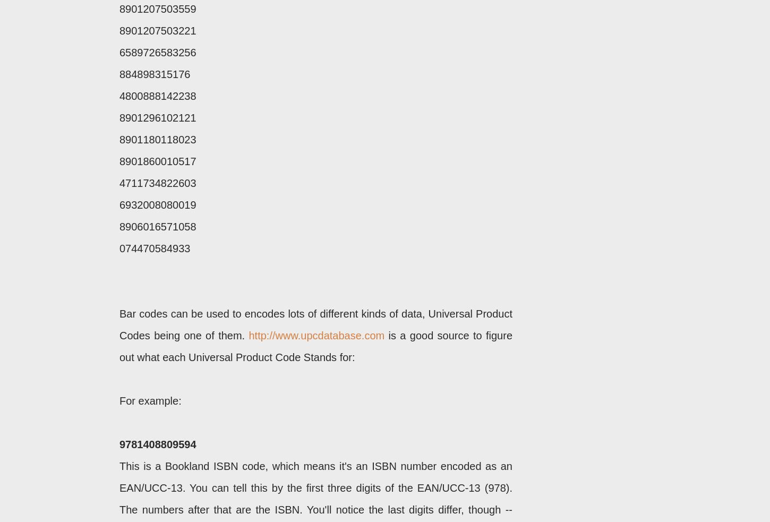  I want to click on 'is a good source to figure out what each Universal Product Code Stands for:', so click(315, 346).